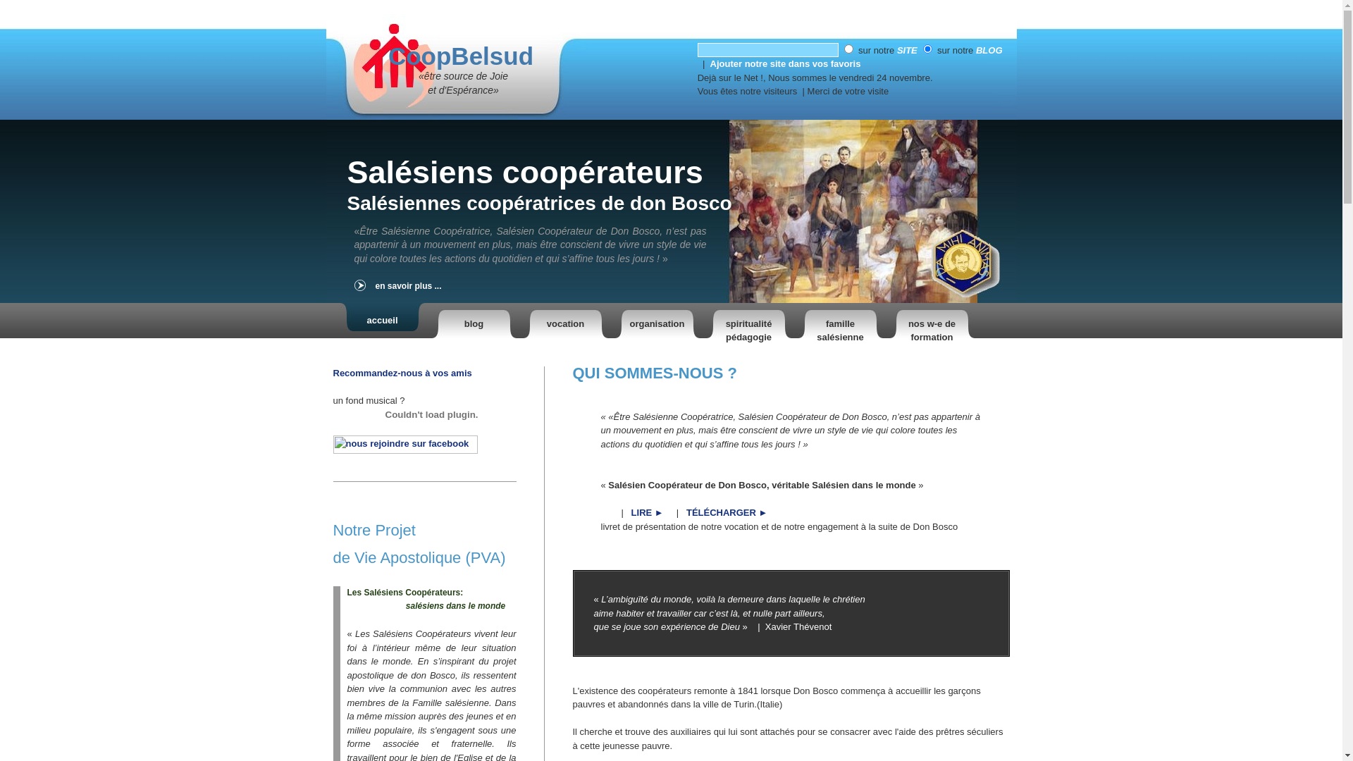 The image size is (1353, 761). I want to click on 'vocation', so click(564, 321).